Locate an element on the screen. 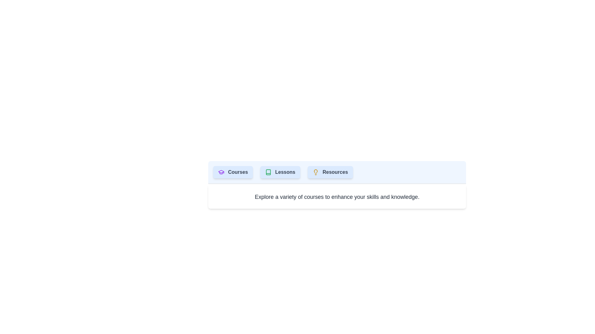 Image resolution: width=595 pixels, height=334 pixels. the Resources tab to observe its hover effect is located at coordinates (330, 172).